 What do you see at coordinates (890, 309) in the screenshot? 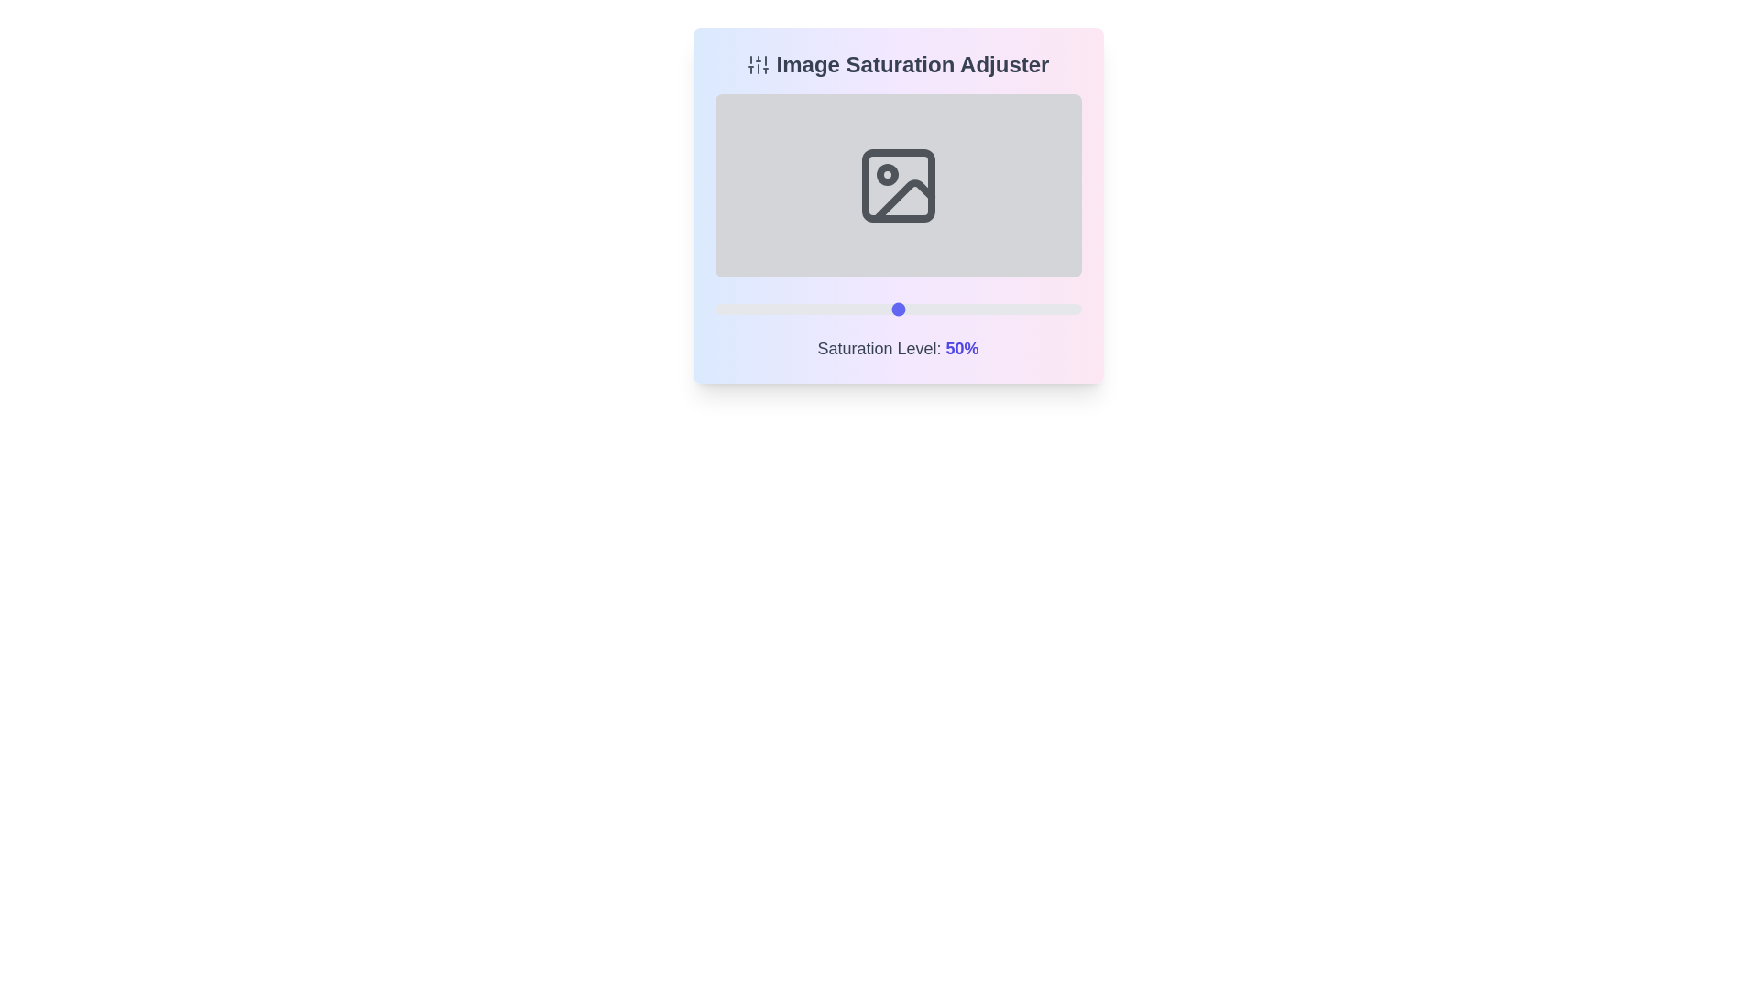
I see `the saturation level to 48% by interacting with the slider` at bounding box center [890, 309].